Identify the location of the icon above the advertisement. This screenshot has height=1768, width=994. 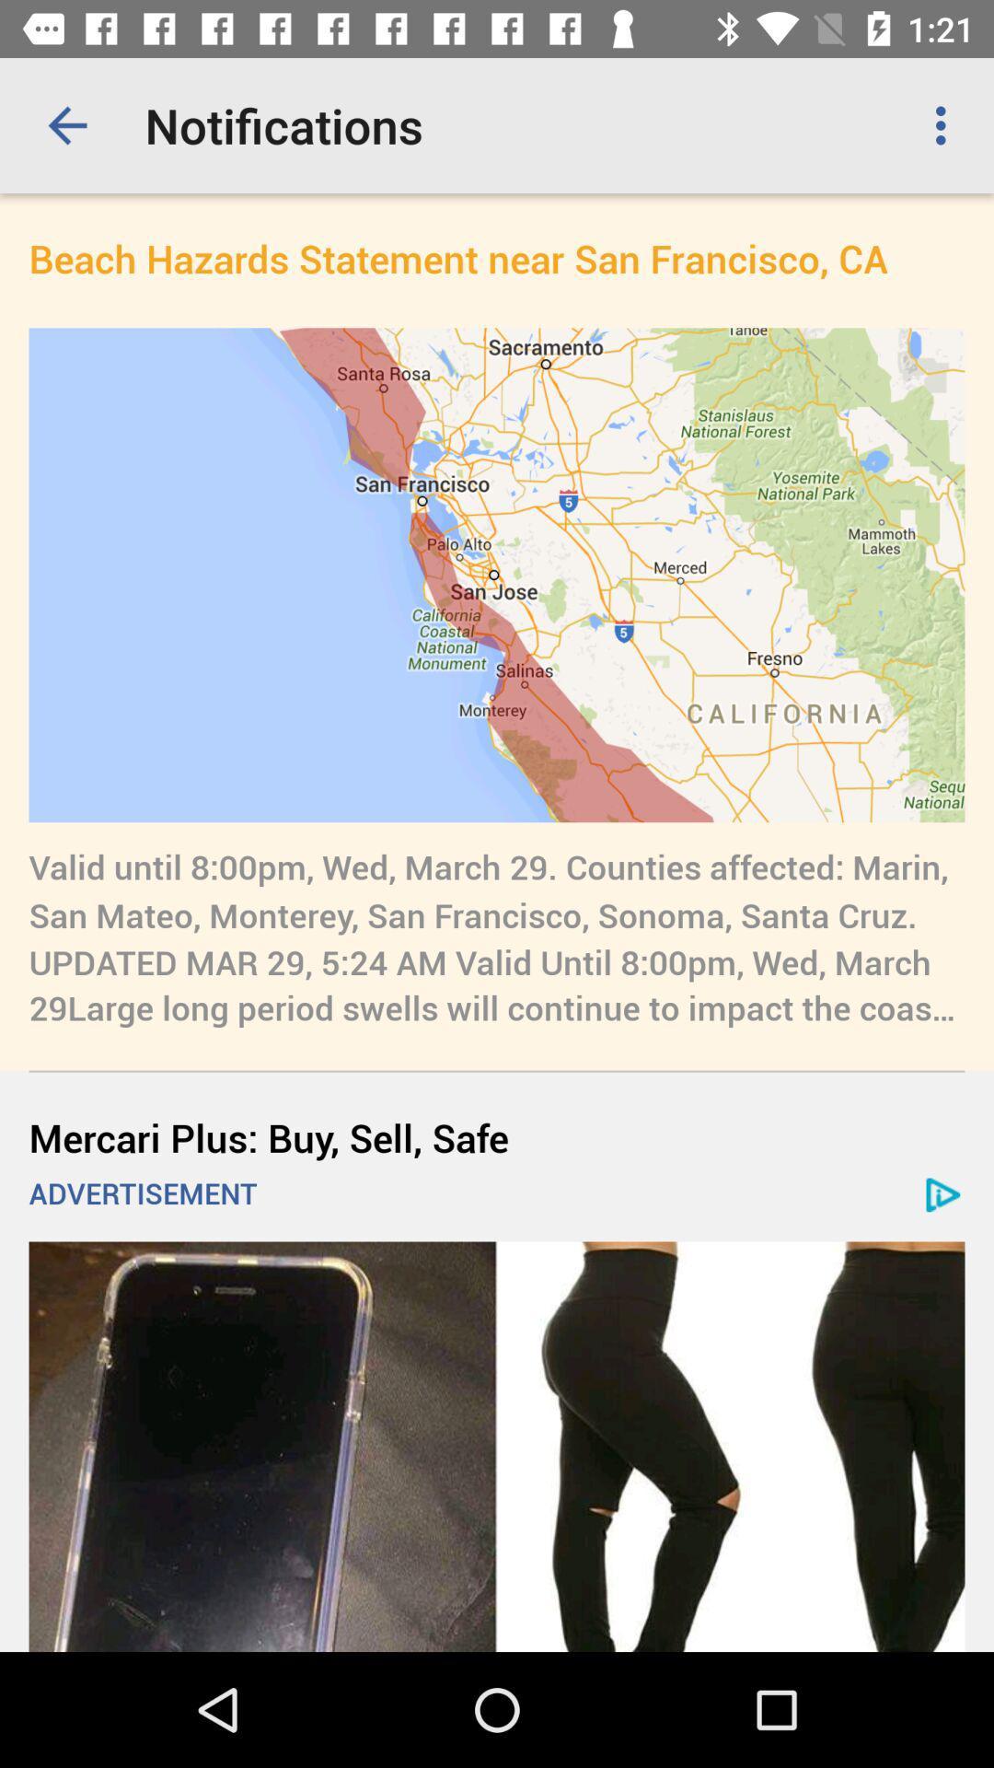
(497, 1136).